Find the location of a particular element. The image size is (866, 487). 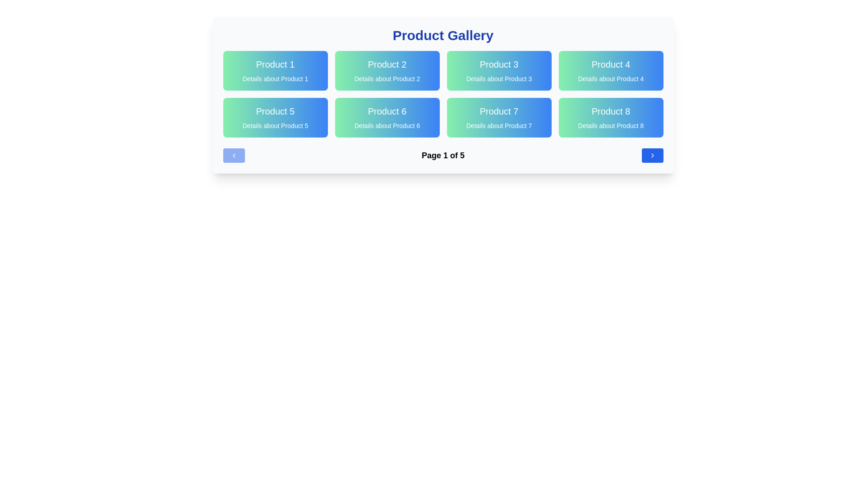

the text label providing supplementary details about Product 6, located beneath the title in the product card is located at coordinates (387, 125).